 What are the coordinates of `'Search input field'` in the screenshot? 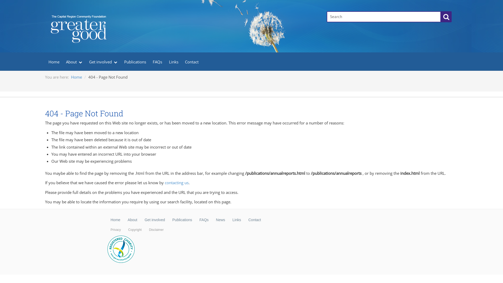 It's located at (384, 17).